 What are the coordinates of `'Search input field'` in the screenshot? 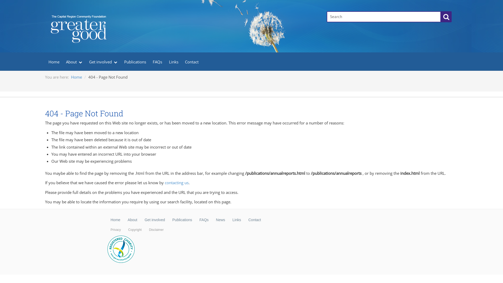 It's located at (384, 17).